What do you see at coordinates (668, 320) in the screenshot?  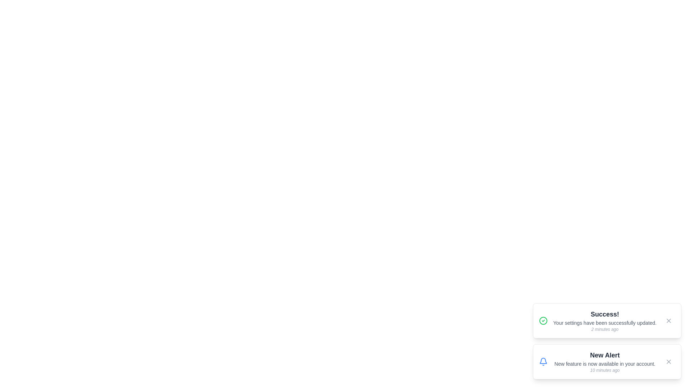 I see `the close button of the notification to dismiss it` at bounding box center [668, 320].